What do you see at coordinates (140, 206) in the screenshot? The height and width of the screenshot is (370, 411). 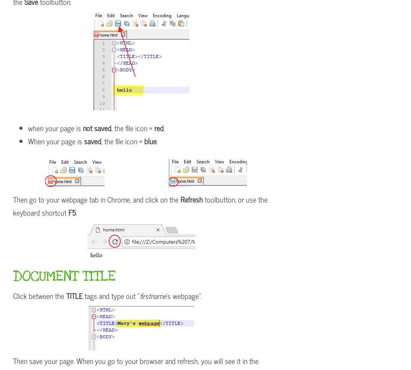 I see `'toolbutton, or use the keyboard shortcut'` at bounding box center [140, 206].